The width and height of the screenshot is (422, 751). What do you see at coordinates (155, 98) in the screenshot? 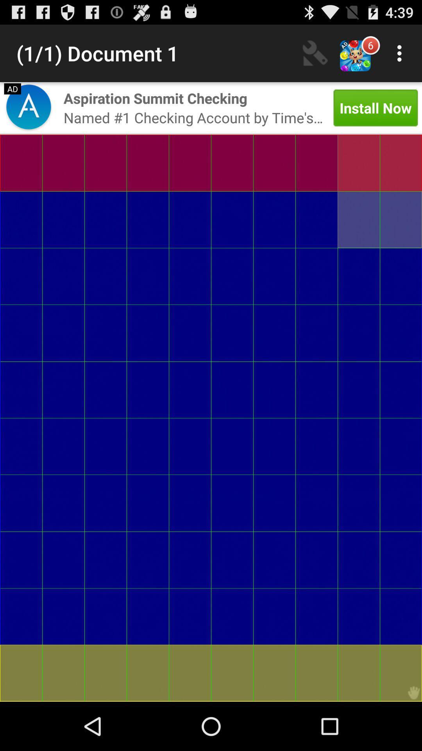
I see `aspiration summit checking` at bounding box center [155, 98].